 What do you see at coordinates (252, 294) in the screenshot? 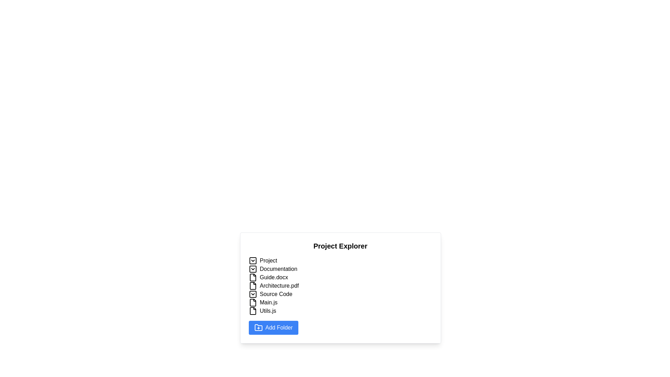
I see `the button that expands or collapses the 'Source Code' folder contents, located to the left of the 'Source Code' text` at bounding box center [252, 294].